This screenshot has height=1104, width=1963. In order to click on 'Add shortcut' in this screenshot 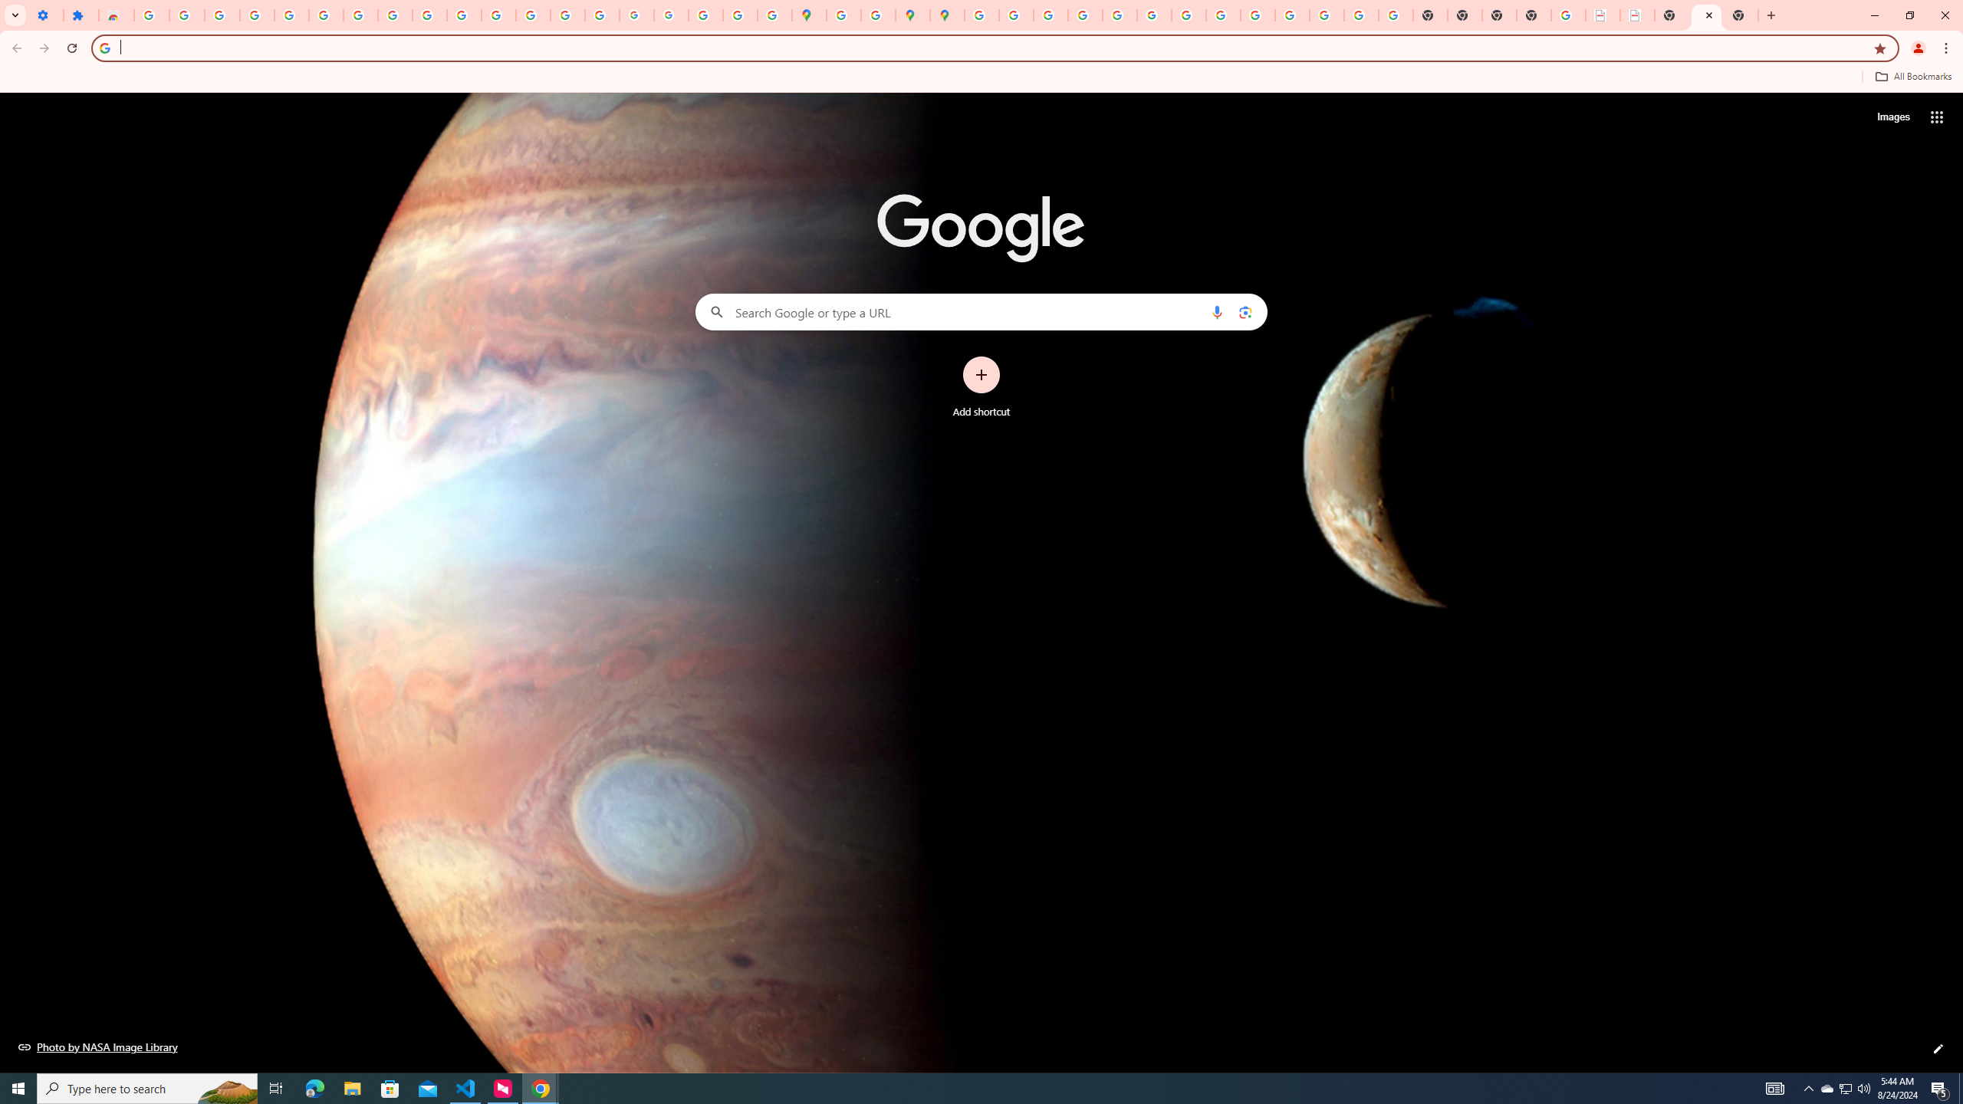, I will do `click(981, 387)`.